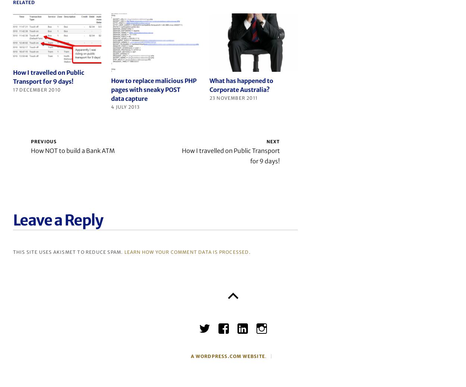 This screenshot has height=387, width=466. Describe the element at coordinates (154, 89) in the screenshot. I see `'How to replace malicious PHP pages with sneaky POST data capture'` at that location.